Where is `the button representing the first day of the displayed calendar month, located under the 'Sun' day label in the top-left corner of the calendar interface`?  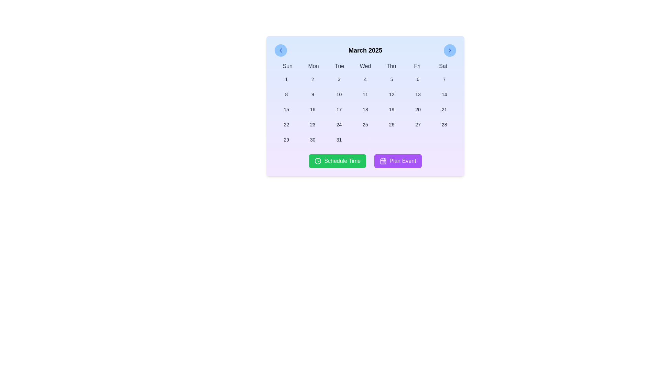
the button representing the first day of the displayed calendar month, located under the 'Sun' day label in the top-left corner of the calendar interface is located at coordinates (286, 79).